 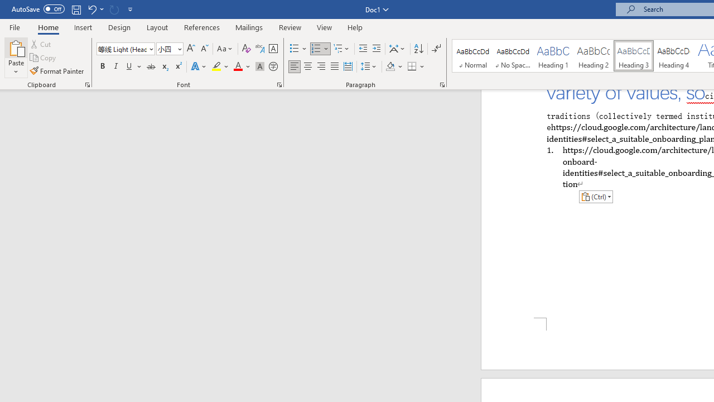 What do you see at coordinates (273, 48) in the screenshot?
I see `'Character Border'` at bounding box center [273, 48].